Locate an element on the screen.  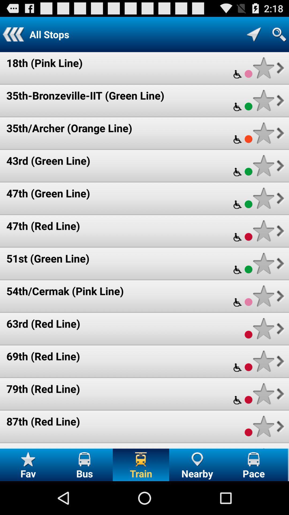
highlight/star this stop is located at coordinates (263, 100).